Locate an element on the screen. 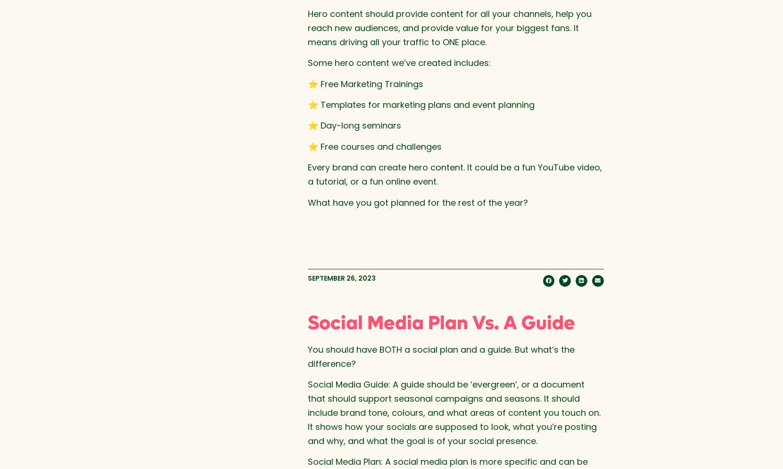 This screenshot has height=469, width=783. '⭐️ Free courses and challenges⁠' is located at coordinates (373, 146).